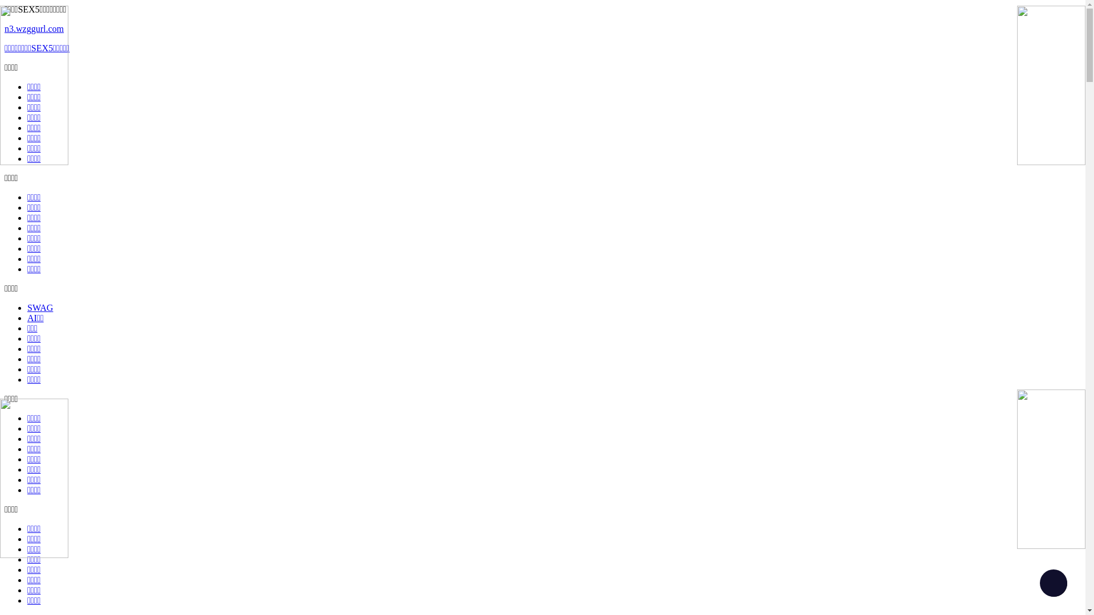  Describe the element at coordinates (40, 307) in the screenshot. I see `'SWAG'` at that location.